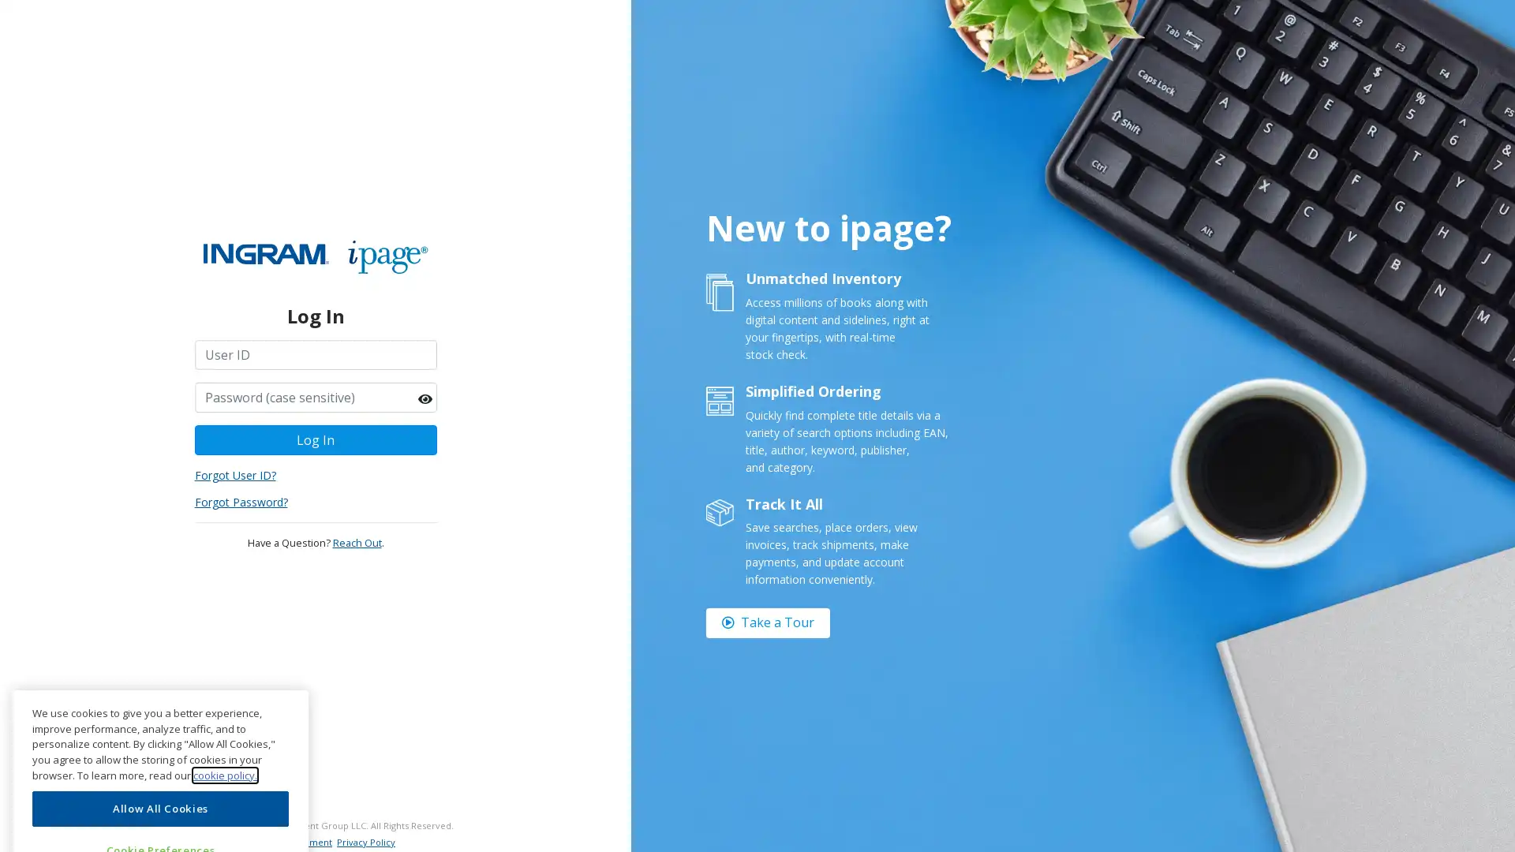  What do you see at coordinates (315, 439) in the screenshot?
I see `Log In` at bounding box center [315, 439].